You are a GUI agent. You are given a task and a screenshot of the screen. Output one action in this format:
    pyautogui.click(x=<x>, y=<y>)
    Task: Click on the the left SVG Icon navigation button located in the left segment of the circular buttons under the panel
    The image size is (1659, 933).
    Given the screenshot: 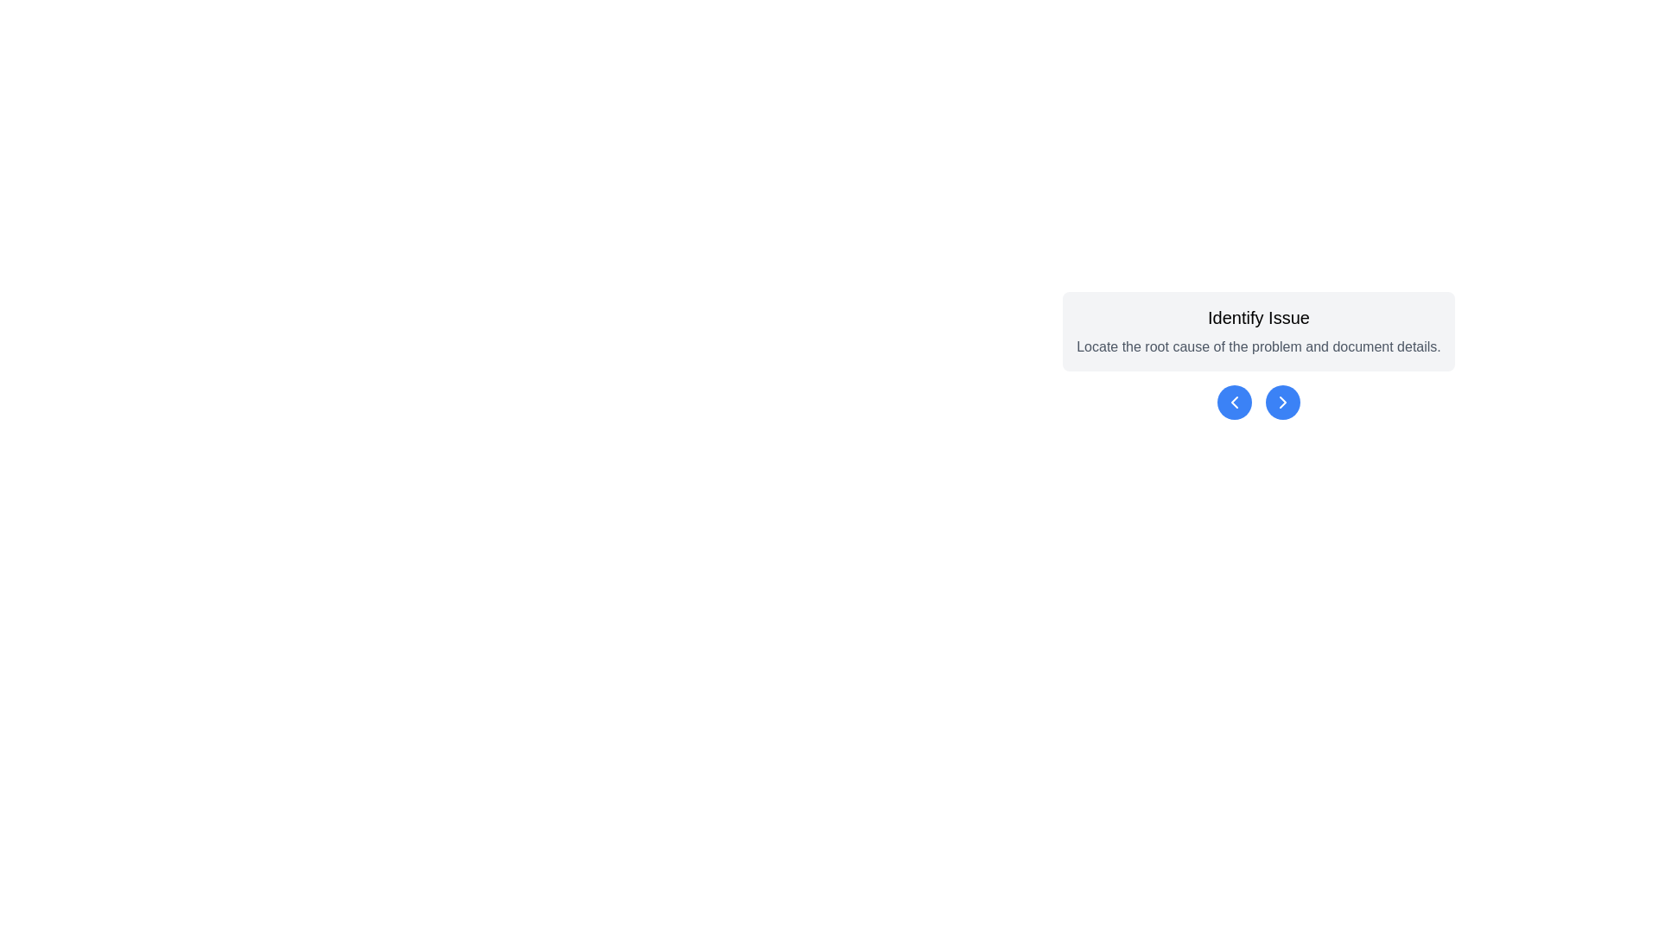 What is the action you would take?
    pyautogui.click(x=1234, y=403)
    